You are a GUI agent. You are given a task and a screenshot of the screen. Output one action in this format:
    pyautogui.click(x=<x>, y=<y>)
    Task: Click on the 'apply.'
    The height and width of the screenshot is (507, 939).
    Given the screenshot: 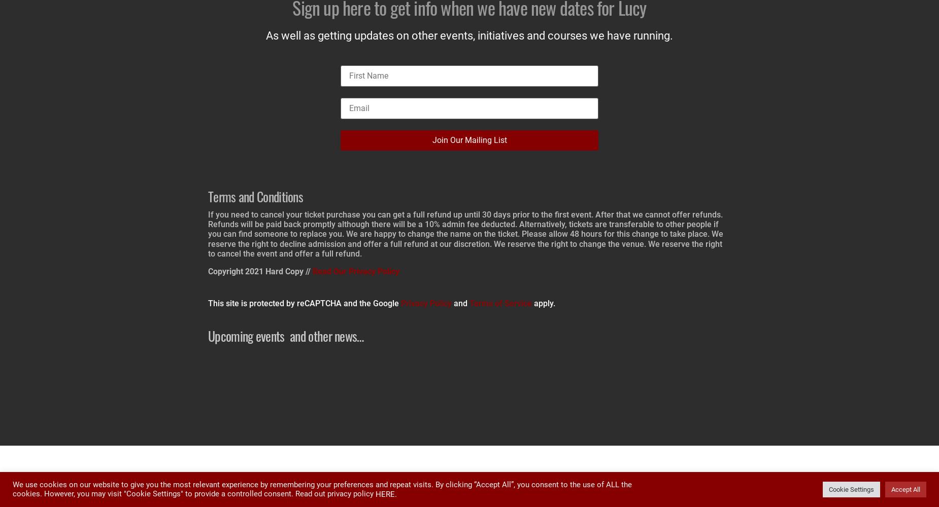 What is the action you would take?
    pyautogui.click(x=531, y=303)
    